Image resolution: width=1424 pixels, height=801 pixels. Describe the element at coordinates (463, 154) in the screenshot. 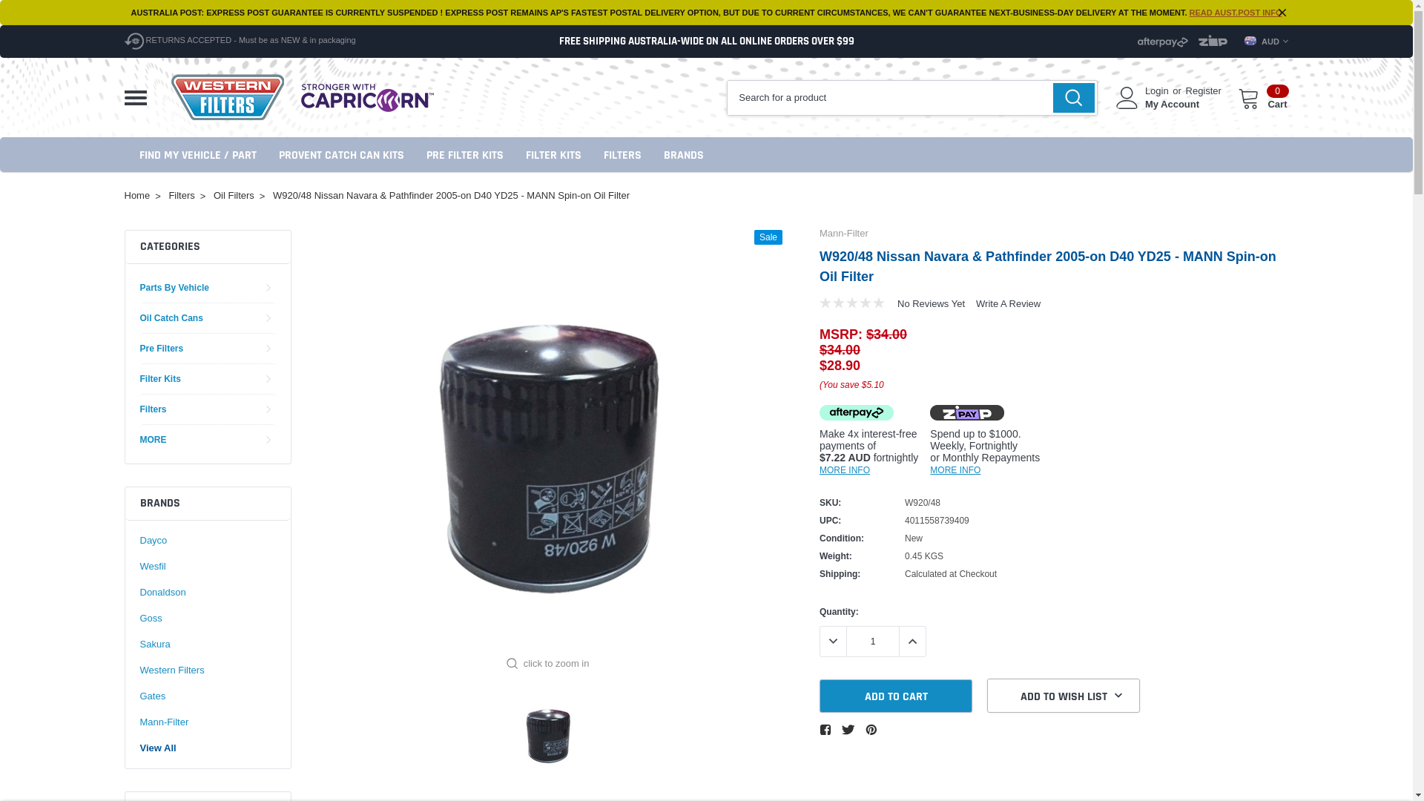

I see `'PRE FILTER KITS'` at that location.